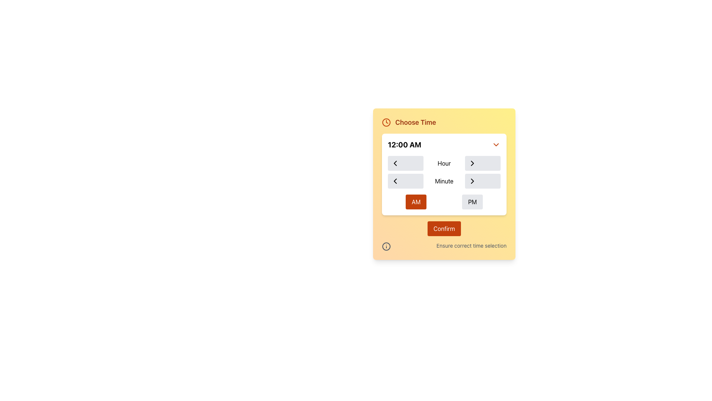  What do you see at coordinates (444, 181) in the screenshot?
I see `the static text label displaying 'Minute', located in the time selector interface's lower row, middle column of the grid layout` at bounding box center [444, 181].